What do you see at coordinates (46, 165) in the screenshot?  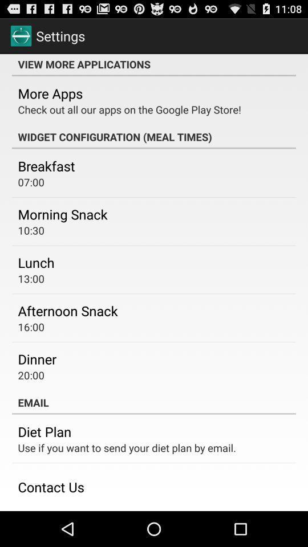 I see `item above 07:00 item` at bounding box center [46, 165].